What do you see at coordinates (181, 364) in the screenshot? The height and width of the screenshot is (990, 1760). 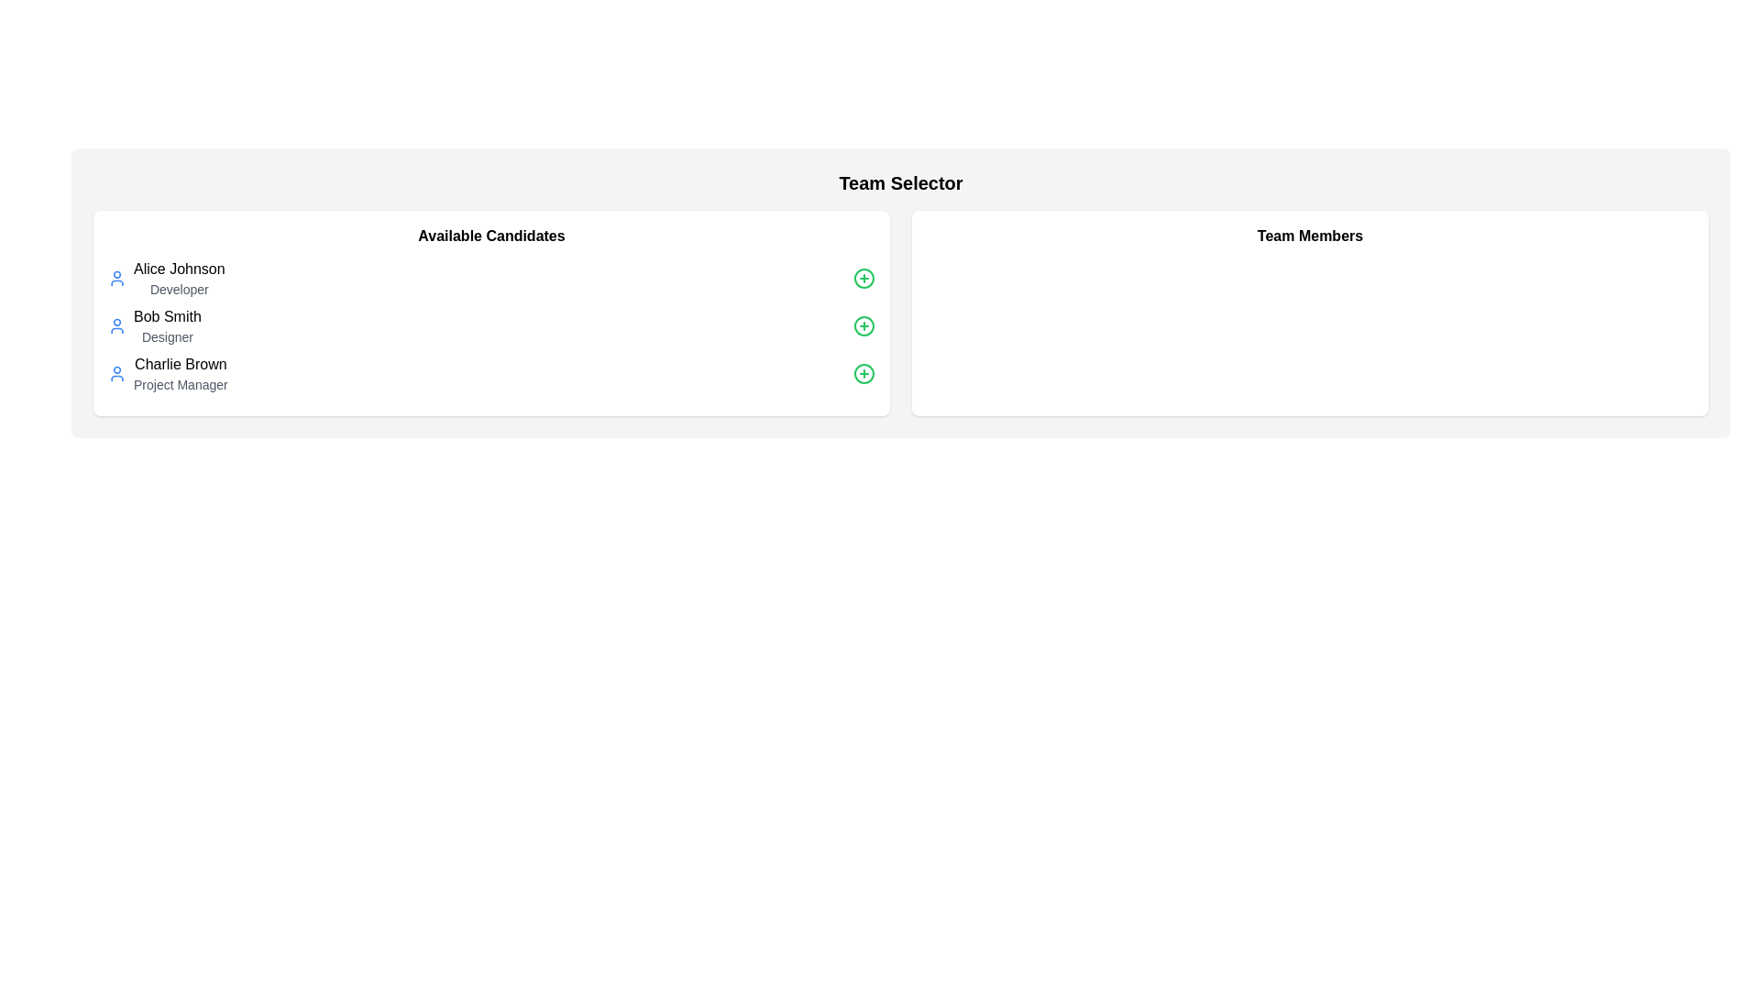 I see `the text label displaying 'Charlie Brown', which is the first line in a two-line layout in the 'Available Candidates' column, located below 'Bob Smith'` at bounding box center [181, 364].